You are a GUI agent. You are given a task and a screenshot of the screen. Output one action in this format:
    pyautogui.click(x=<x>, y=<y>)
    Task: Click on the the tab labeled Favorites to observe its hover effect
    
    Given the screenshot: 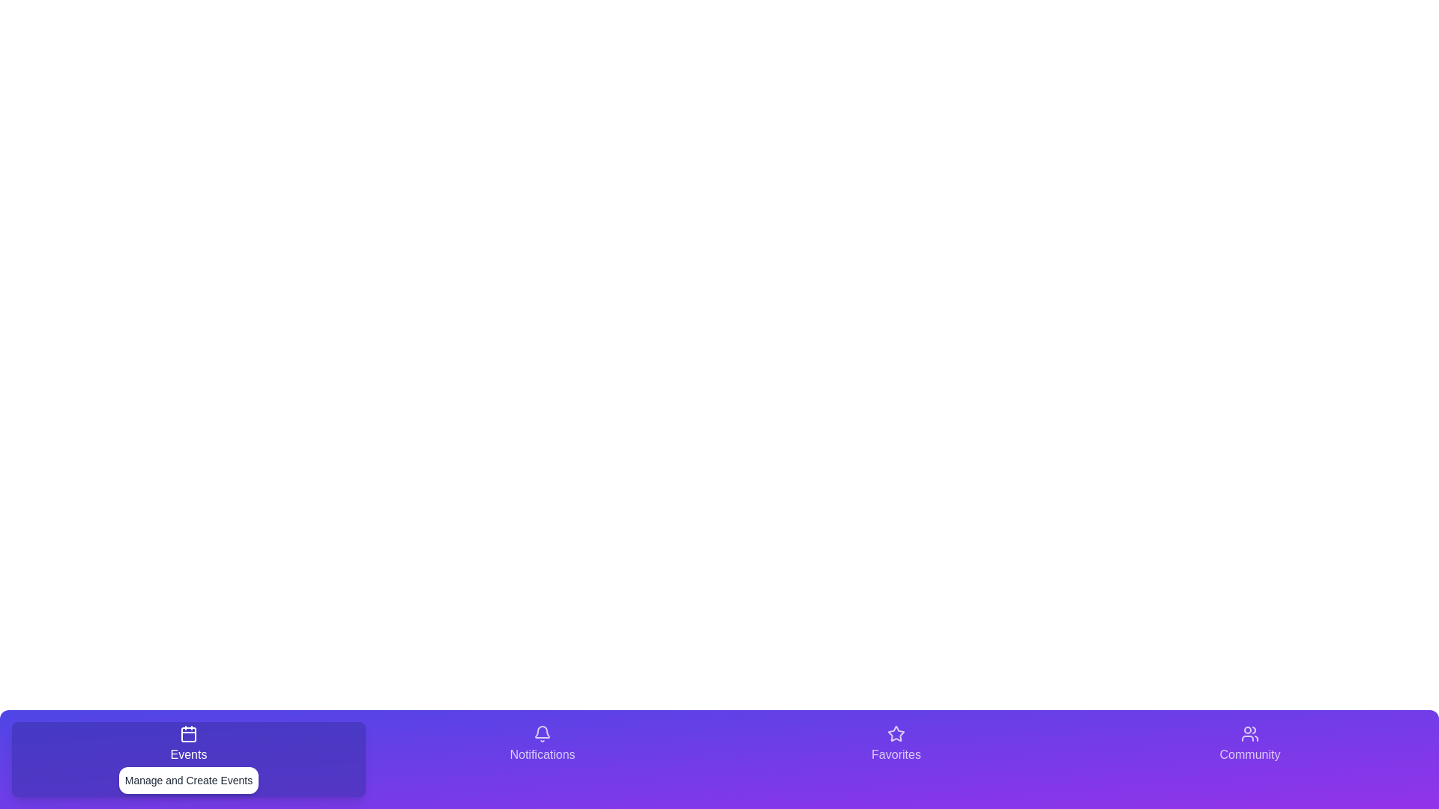 What is the action you would take?
    pyautogui.click(x=896, y=760)
    